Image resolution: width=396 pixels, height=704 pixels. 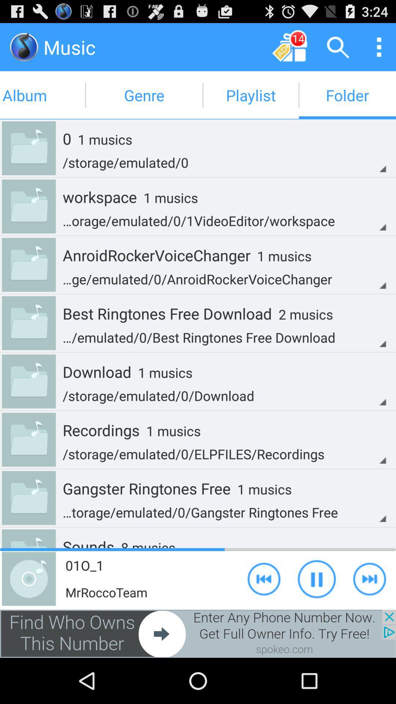 I want to click on go back, so click(x=264, y=578).